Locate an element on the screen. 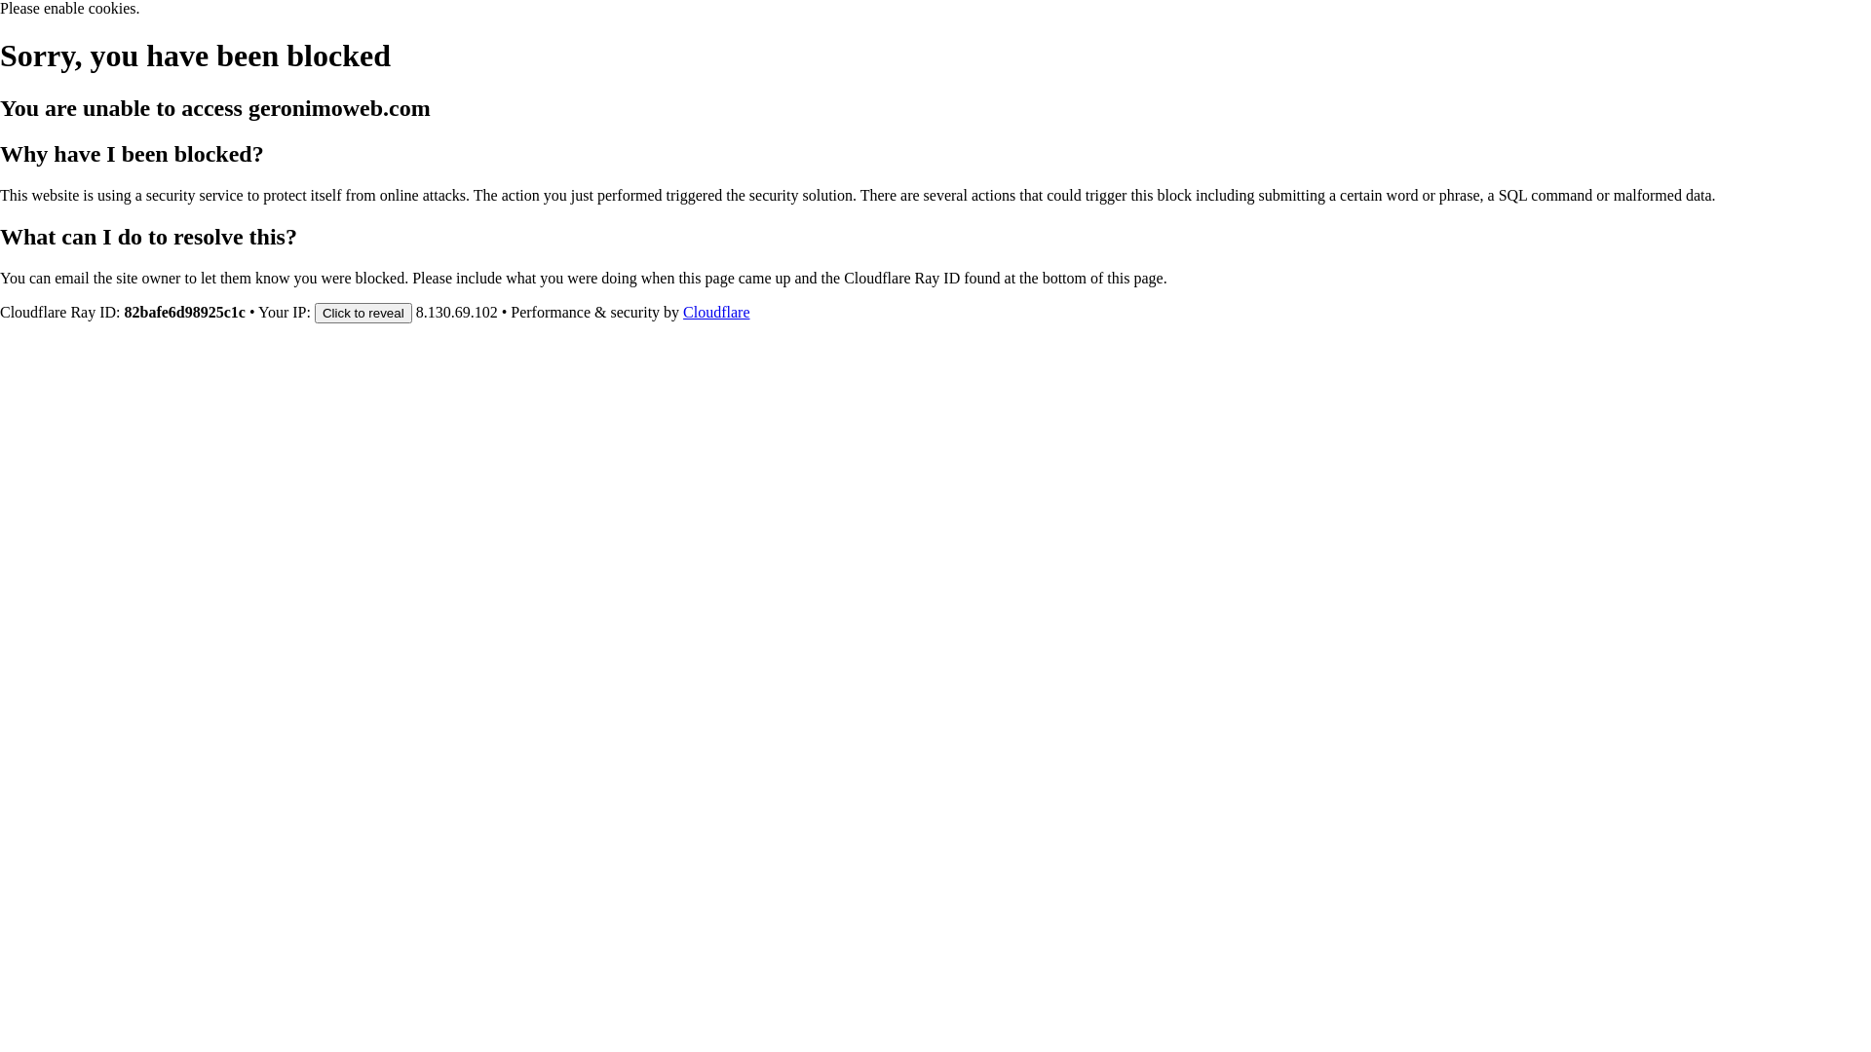  'Cloudflare' is located at coordinates (682, 311).